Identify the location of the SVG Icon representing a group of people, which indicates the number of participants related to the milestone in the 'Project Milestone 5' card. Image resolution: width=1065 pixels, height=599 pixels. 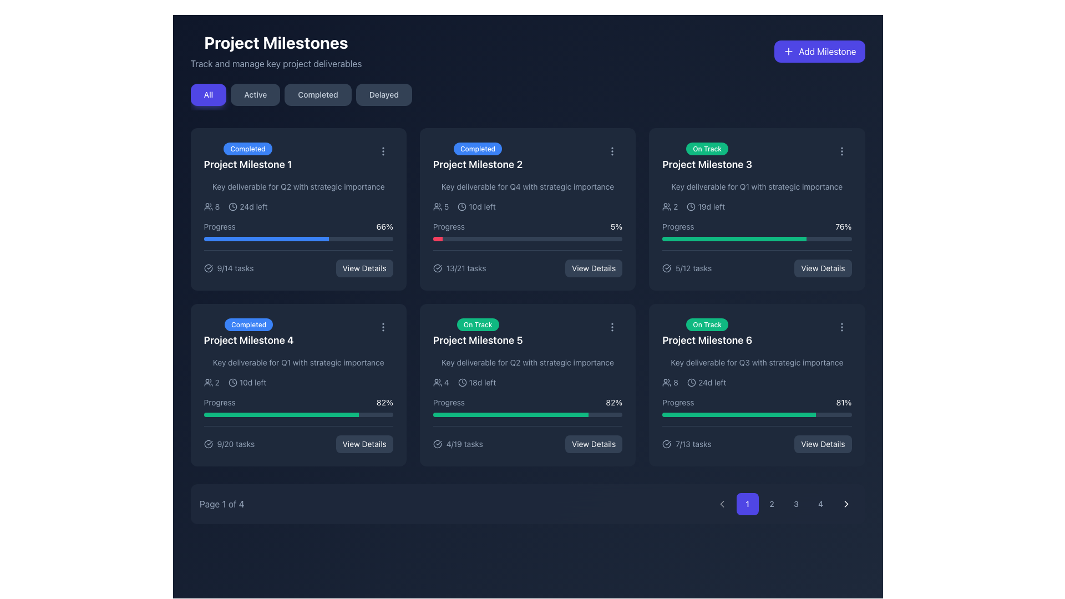
(437, 382).